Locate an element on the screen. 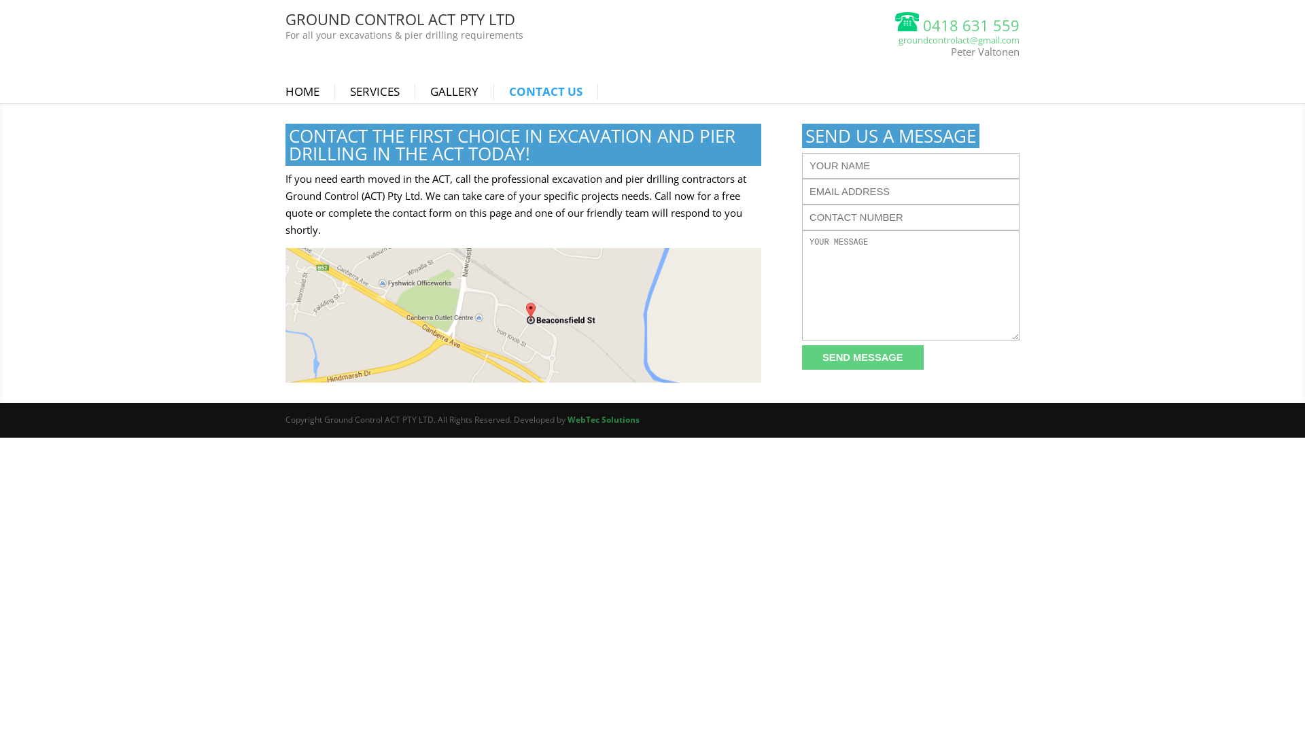 This screenshot has height=734, width=1305. 'HOME' is located at coordinates (309, 91).